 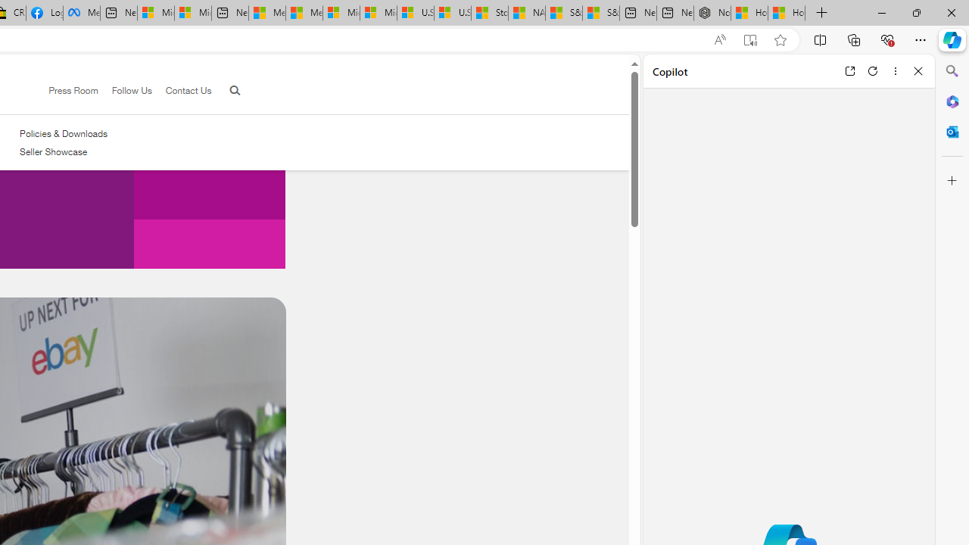 What do you see at coordinates (63, 133) in the screenshot?
I see `'Policies & Downloads'` at bounding box center [63, 133].